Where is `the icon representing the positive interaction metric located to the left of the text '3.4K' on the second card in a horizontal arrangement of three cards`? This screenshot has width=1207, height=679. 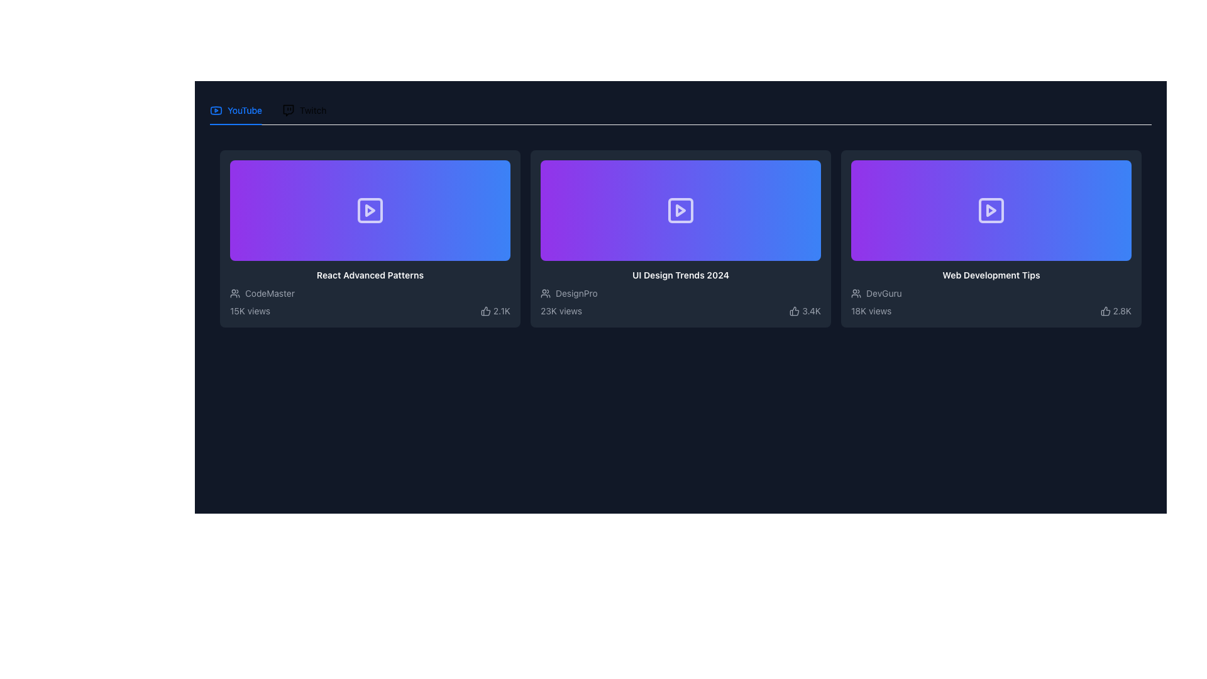 the icon representing the positive interaction metric located to the left of the text '3.4K' on the second card in a horizontal arrangement of three cards is located at coordinates (794, 311).